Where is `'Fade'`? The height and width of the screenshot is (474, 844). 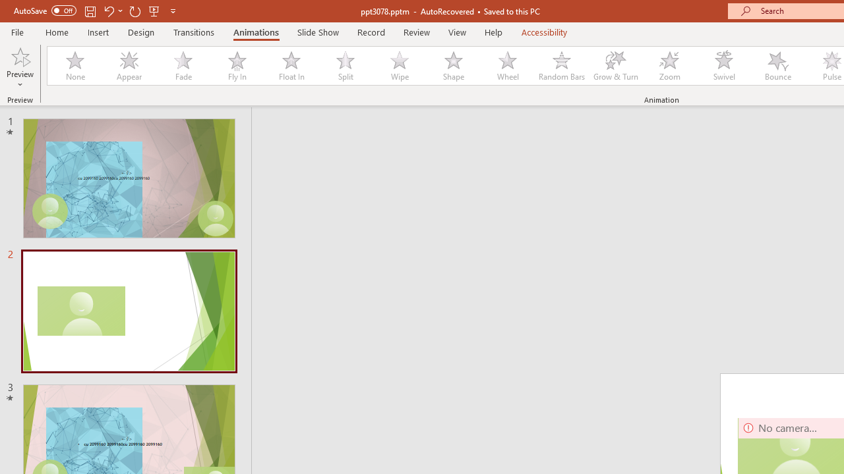
'Fade' is located at coordinates (182, 66).